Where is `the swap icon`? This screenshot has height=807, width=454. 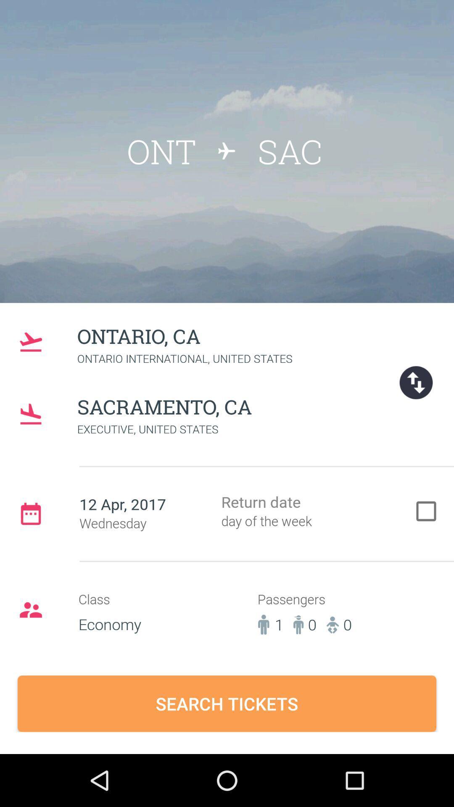 the swap icon is located at coordinates (416, 382).